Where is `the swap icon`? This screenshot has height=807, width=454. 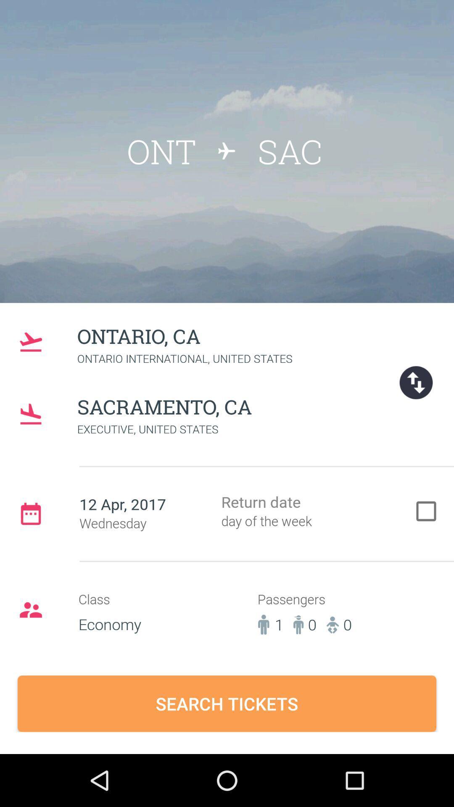 the swap icon is located at coordinates (416, 382).